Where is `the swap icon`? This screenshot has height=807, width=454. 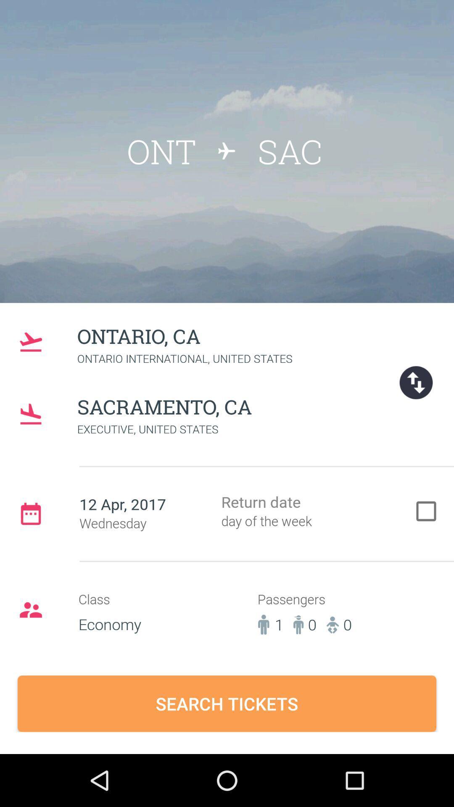 the swap icon is located at coordinates (416, 382).